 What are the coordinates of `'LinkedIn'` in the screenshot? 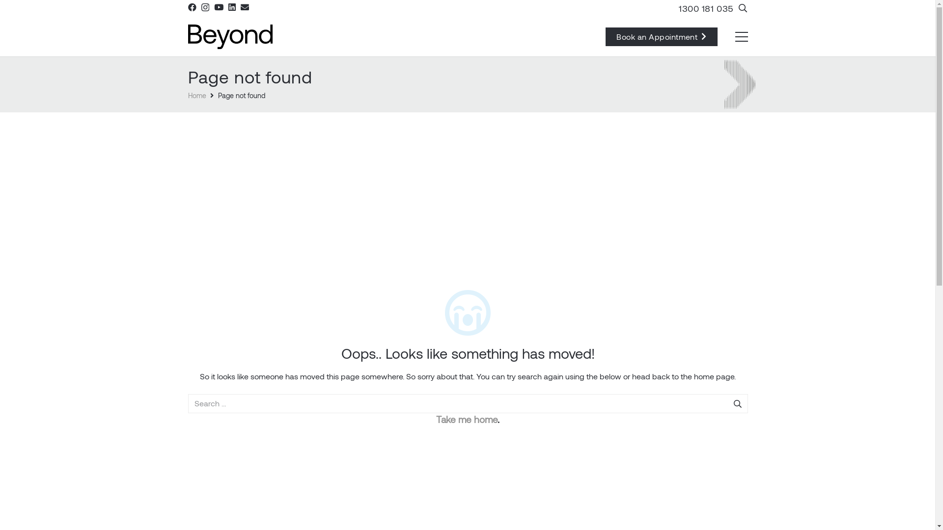 It's located at (548, 428).